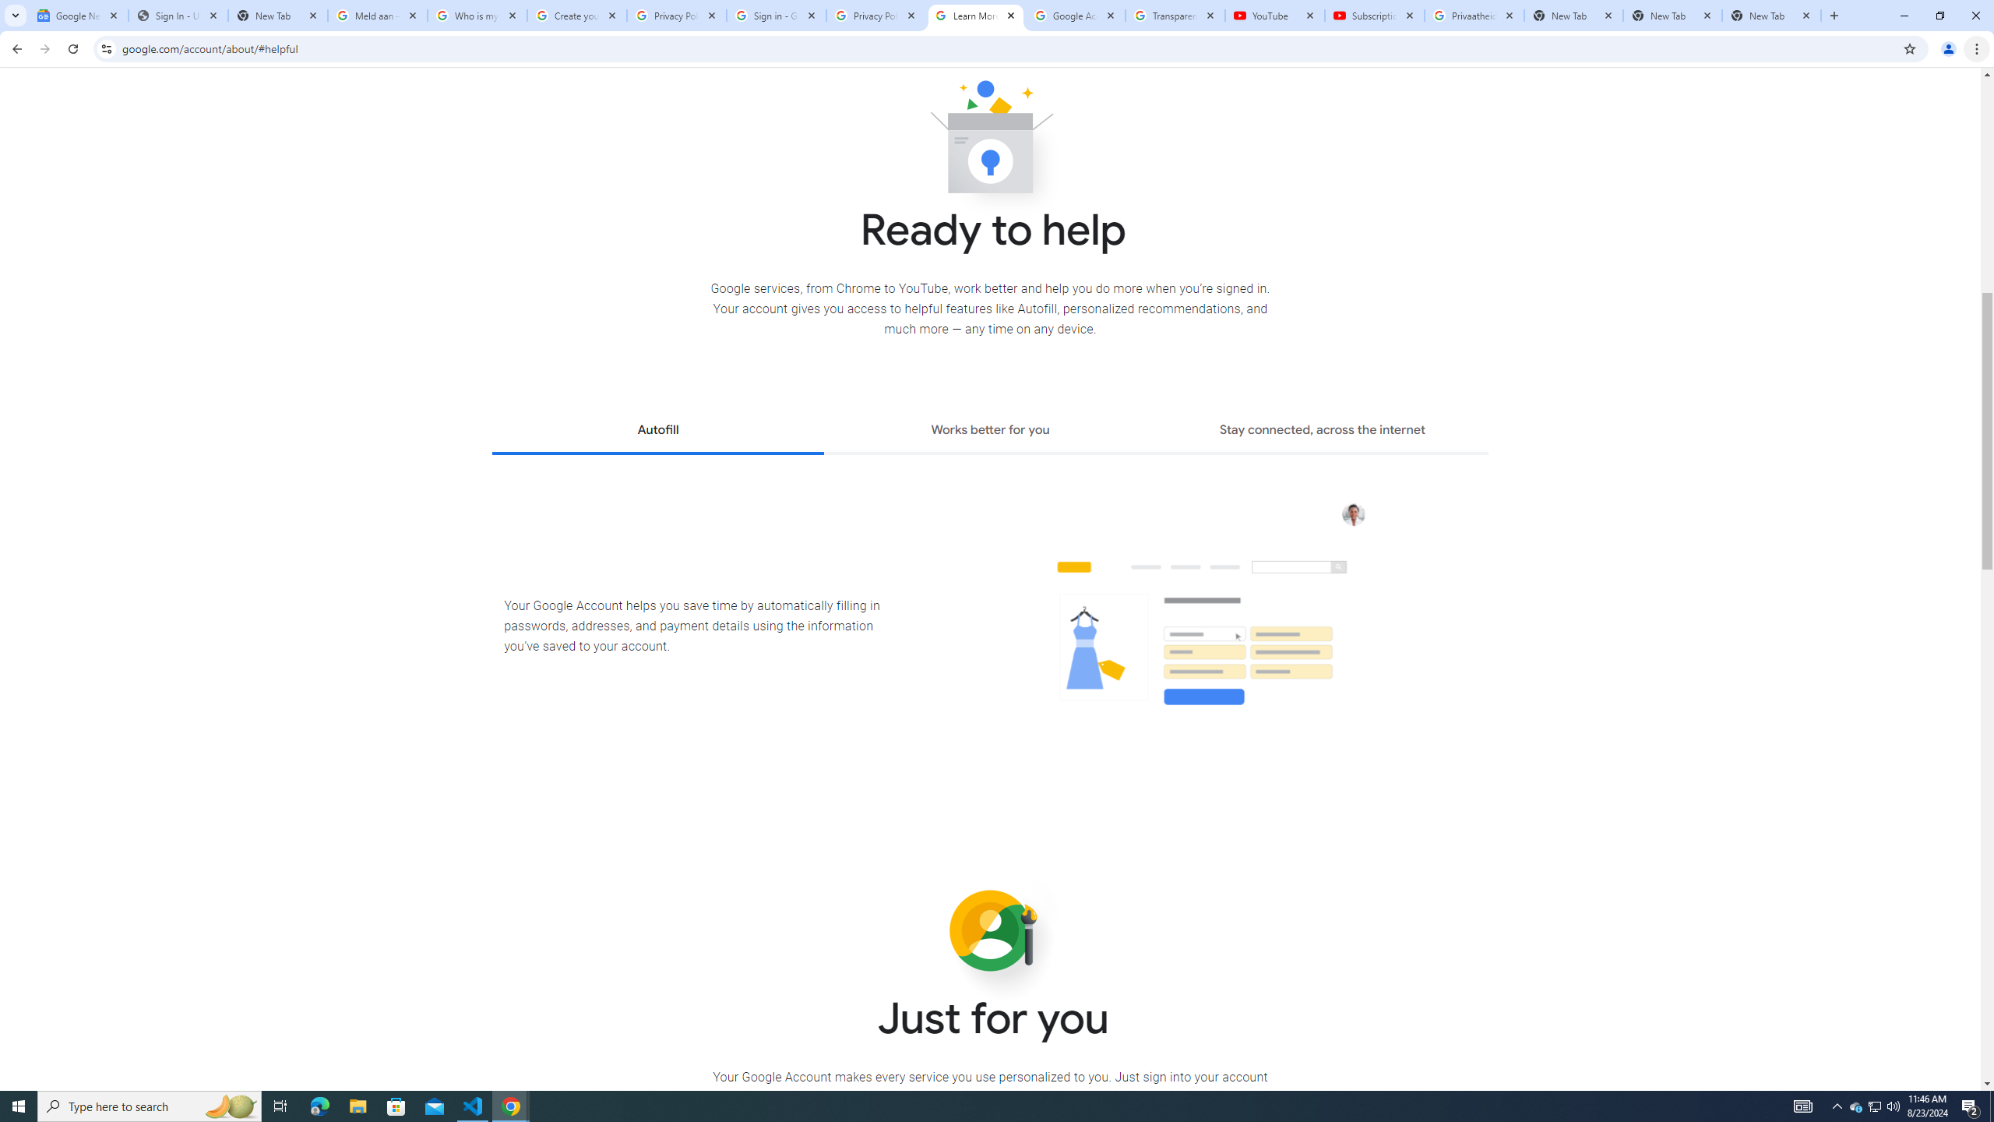  I want to click on 'Stay connected, across the internet', so click(1322, 432).